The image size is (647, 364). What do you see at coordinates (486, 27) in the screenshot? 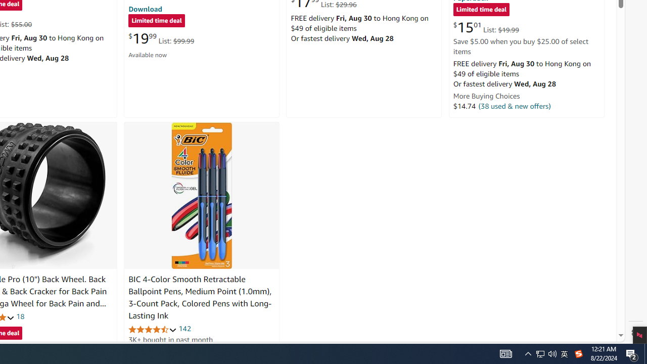
I see `'$15.01 List: $19.99'` at bounding box center [486, 27].